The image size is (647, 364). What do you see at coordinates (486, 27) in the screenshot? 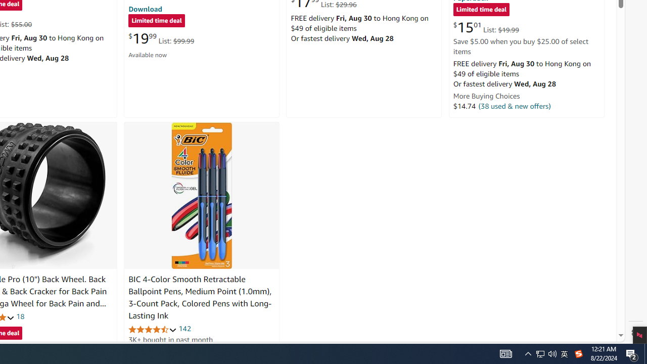
I see `'$15.01 List: $19.99'` at bounding box center [486, 27].